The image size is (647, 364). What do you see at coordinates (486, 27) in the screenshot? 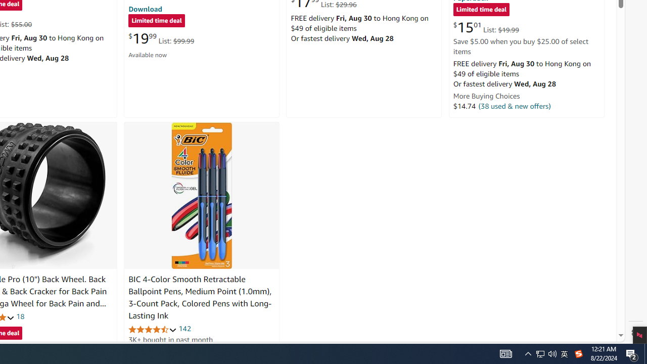
I see `'$15.01 List: $19.99'` at bounding box center [486, 27].